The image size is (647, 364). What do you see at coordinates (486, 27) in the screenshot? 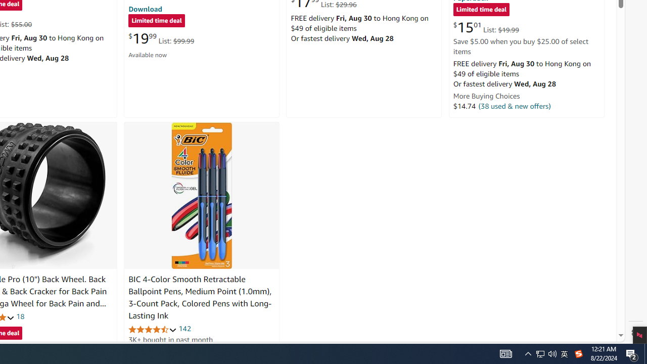
I see `'$15.01 List: $19.99'` at bounding box center [486, 27].